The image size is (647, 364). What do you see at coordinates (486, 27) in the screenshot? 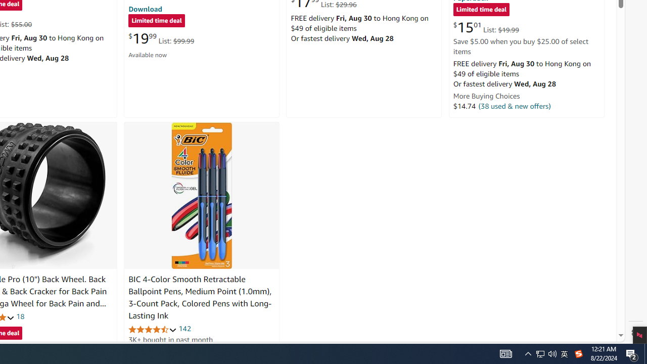
I see `'$15.01 List: $19.99'` at bounding box center [486, 27].